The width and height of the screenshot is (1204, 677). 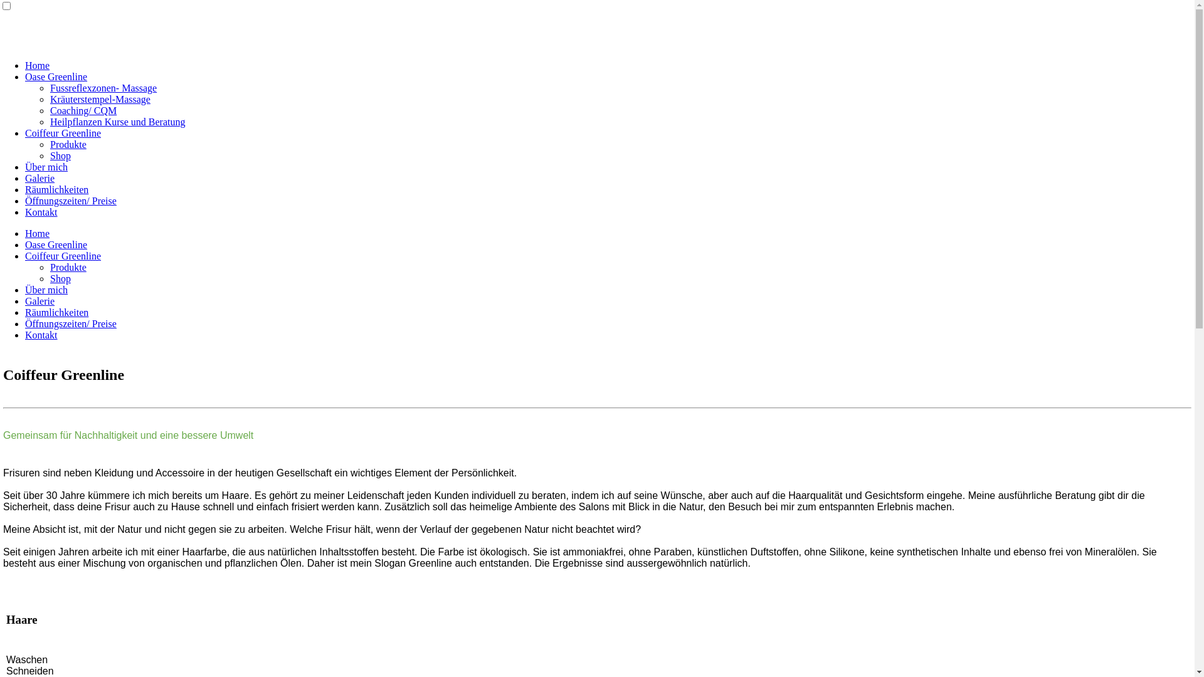 I want to click on 'Kontakt', so click(x=41, y=211).